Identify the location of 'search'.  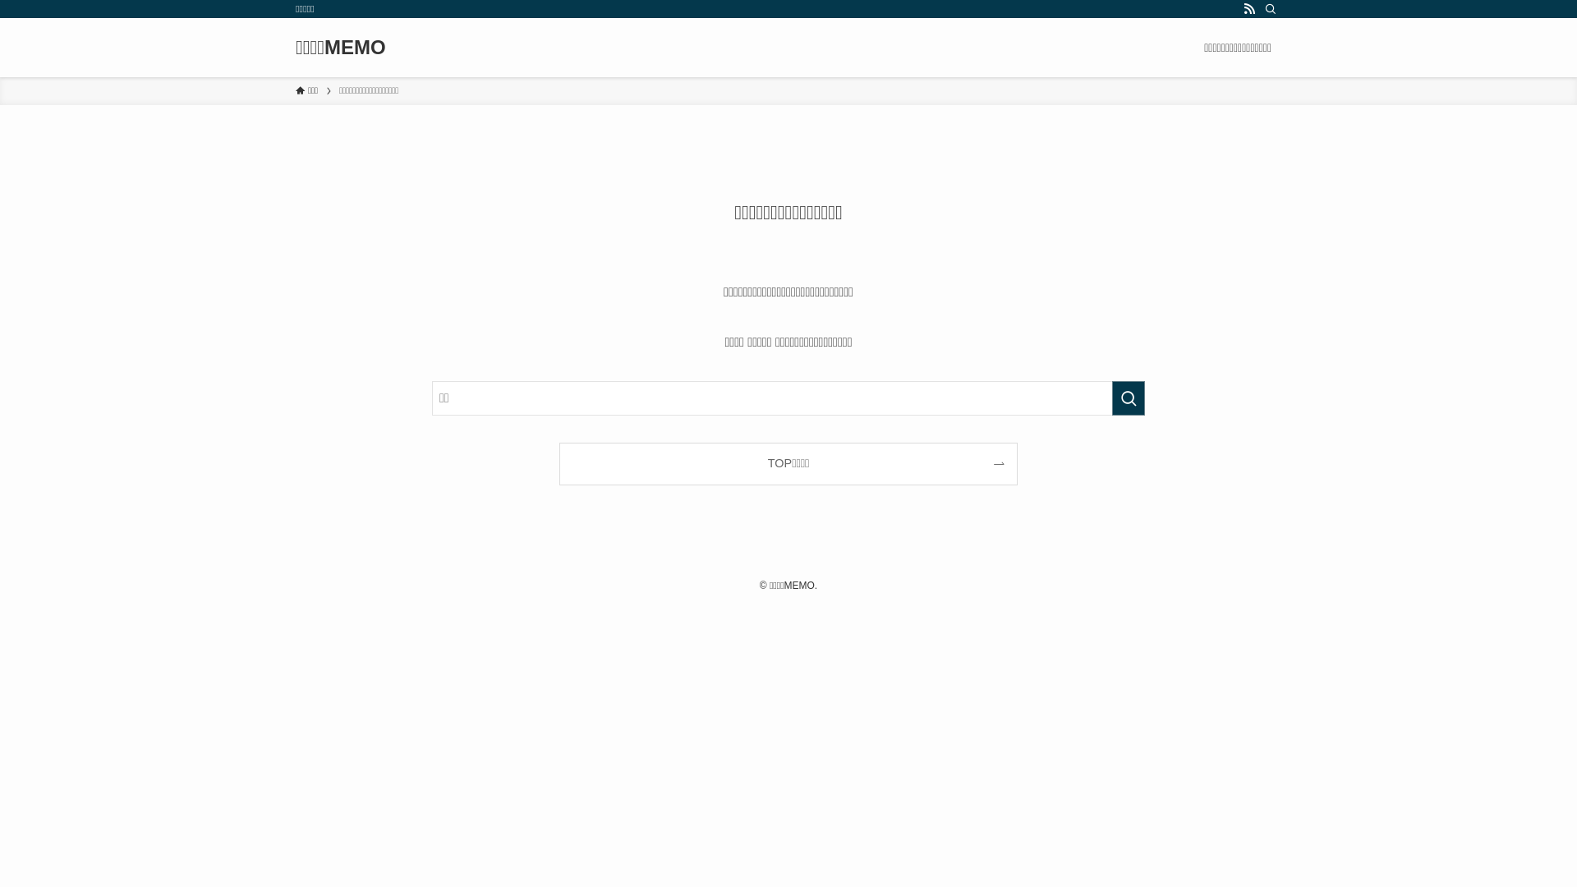
(988, 456).